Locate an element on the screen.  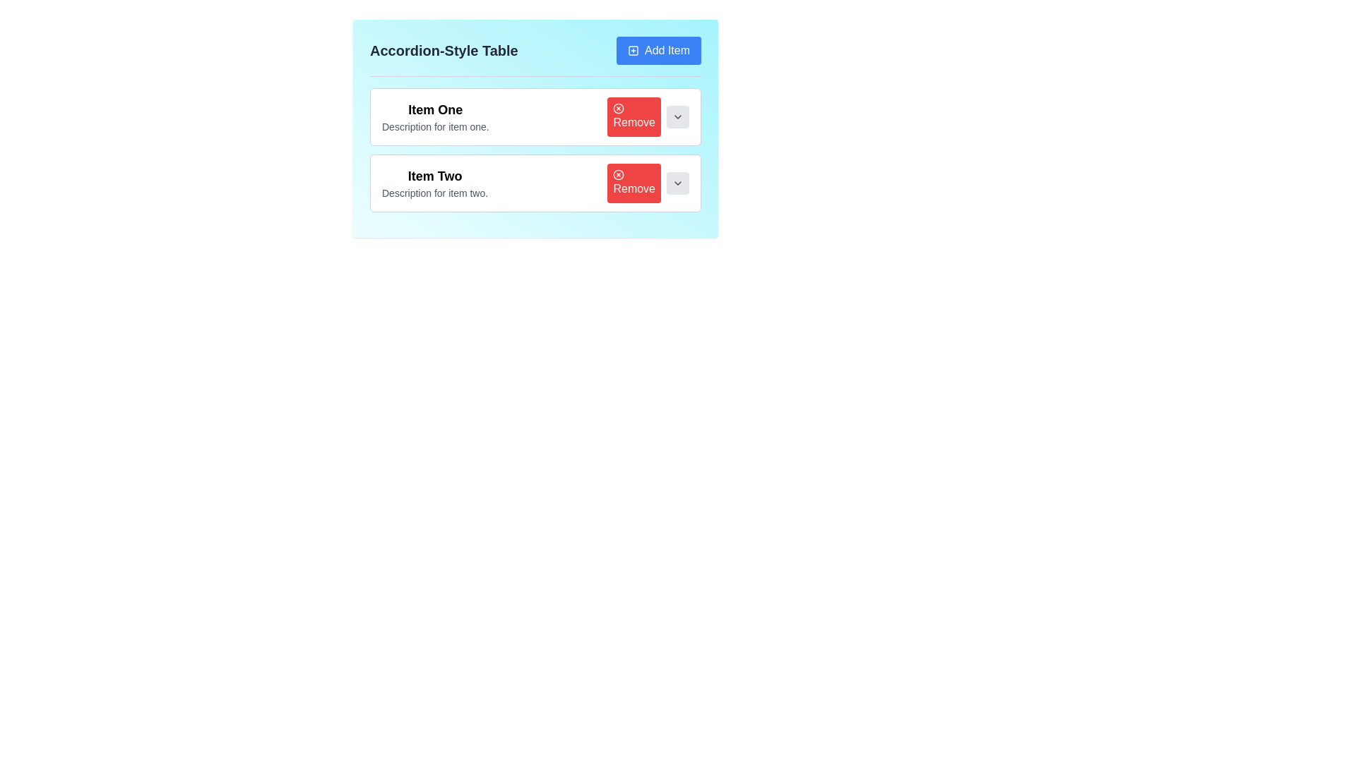
the 'Item Two' text label, which is a bold, large-sized text emphasizing its importance in the interface, located in the lower item row of the list is located at coordinates (434, 176).